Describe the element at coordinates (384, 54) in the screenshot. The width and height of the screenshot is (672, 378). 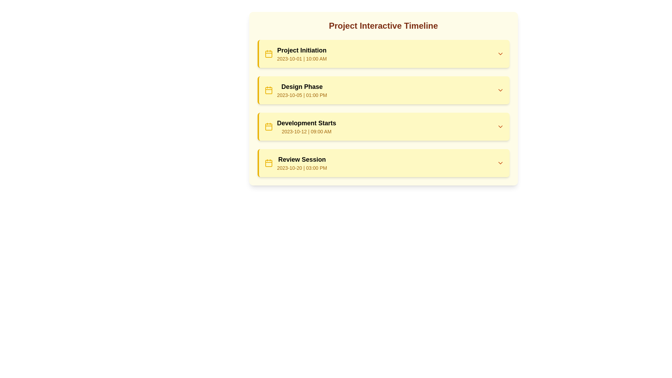
I see `the first interactive list item in the 'Project Interactive Timeline' section` at that location.